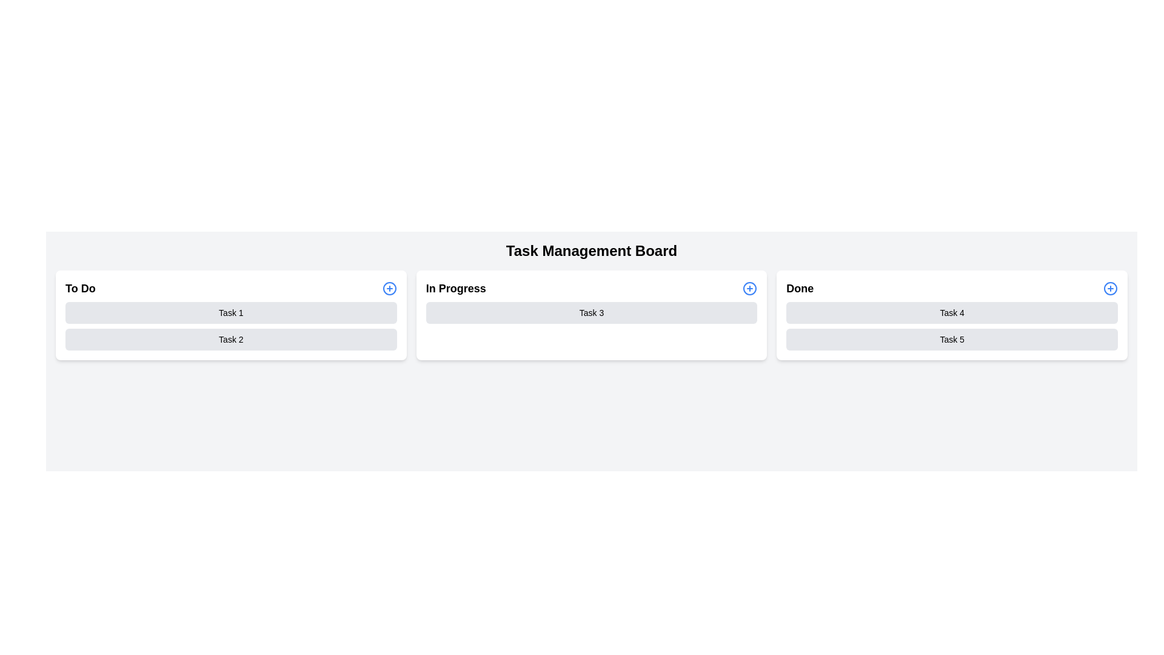  I want to click on the bold and large static text label that reads 'In Progress' located at the top-left corner of the middle column, so click(455, 288).